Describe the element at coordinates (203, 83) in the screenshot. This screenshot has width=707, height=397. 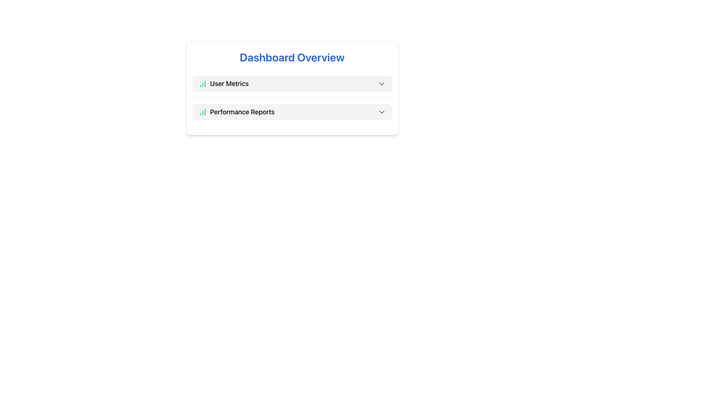
I see `the bar chart icon representing growth in the 'User Metrics' section, located to the left of the 'User Metrics' label` at that location.